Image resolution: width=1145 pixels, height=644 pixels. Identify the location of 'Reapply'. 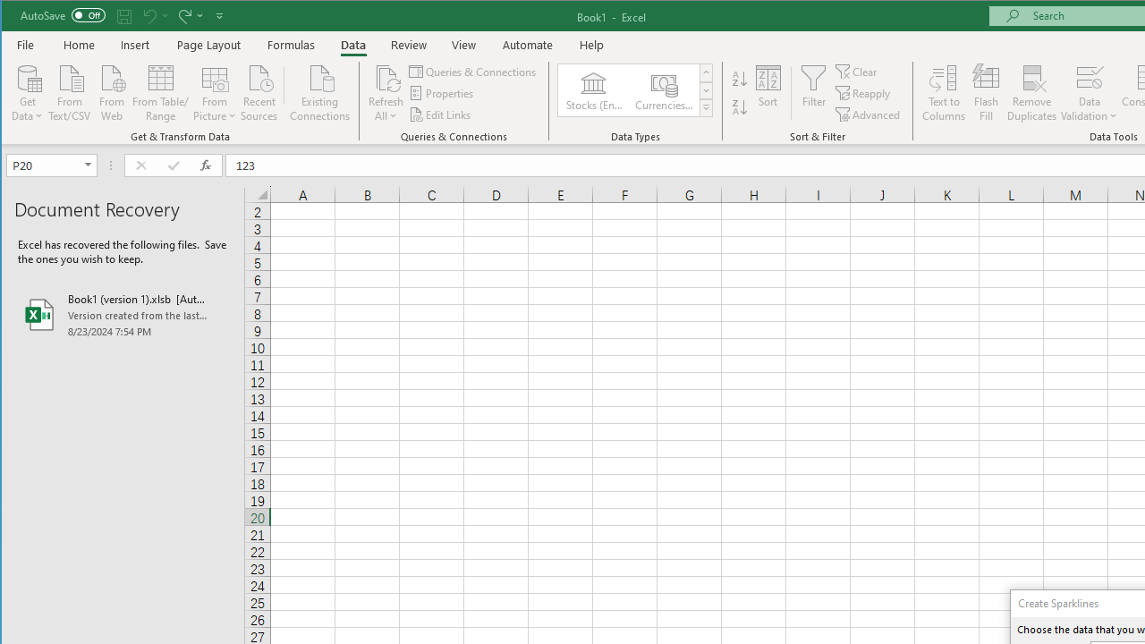
(864, 93).